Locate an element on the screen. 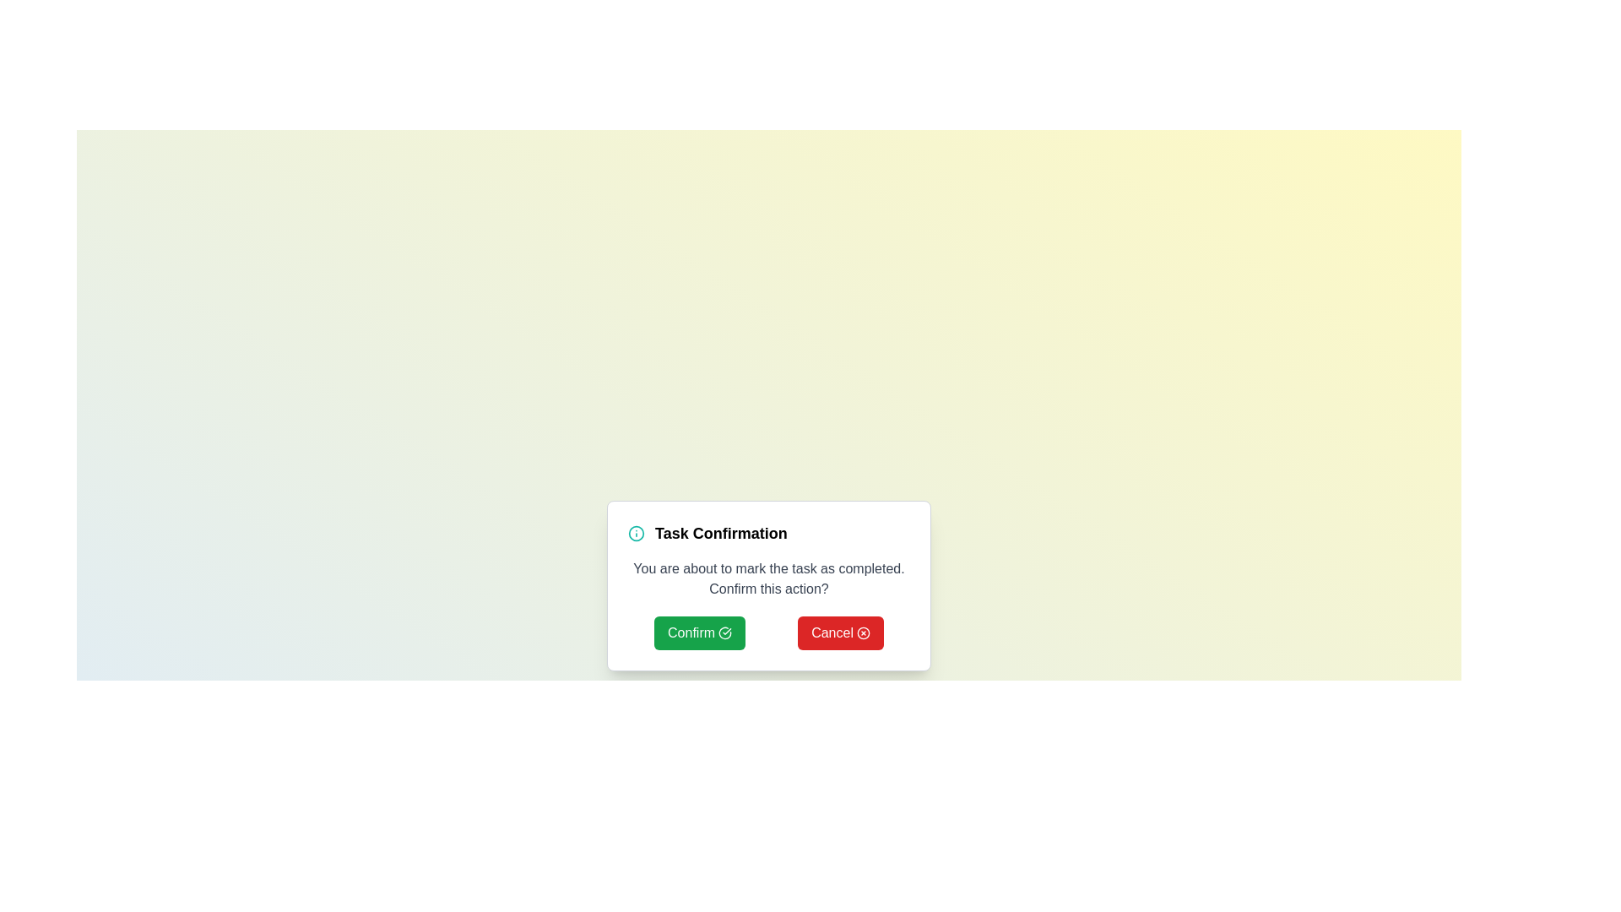 Image resolution: width=1621 pixels, height=912 pixels. the details of the Information icon located to the left of the 'Task Confirmation' text is located at coordinates (635, 534).